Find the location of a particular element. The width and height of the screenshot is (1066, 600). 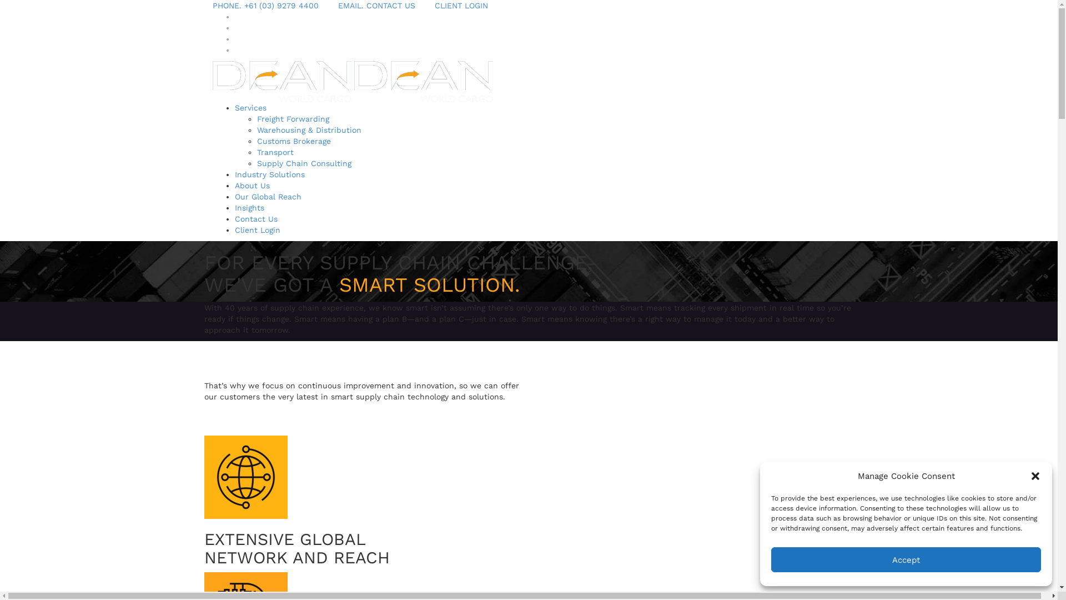

'Contact Us' is located at coordinates (255, 218).